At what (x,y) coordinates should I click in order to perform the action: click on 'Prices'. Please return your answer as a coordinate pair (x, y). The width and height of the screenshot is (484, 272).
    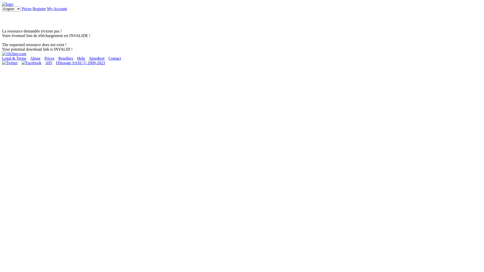
    Looking at the image, I should click on (26, 9).